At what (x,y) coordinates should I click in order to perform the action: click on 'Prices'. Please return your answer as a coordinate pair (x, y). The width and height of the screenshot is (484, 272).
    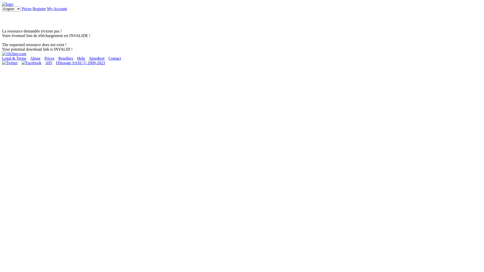
    Looking at the image, I should click on (26, 9).